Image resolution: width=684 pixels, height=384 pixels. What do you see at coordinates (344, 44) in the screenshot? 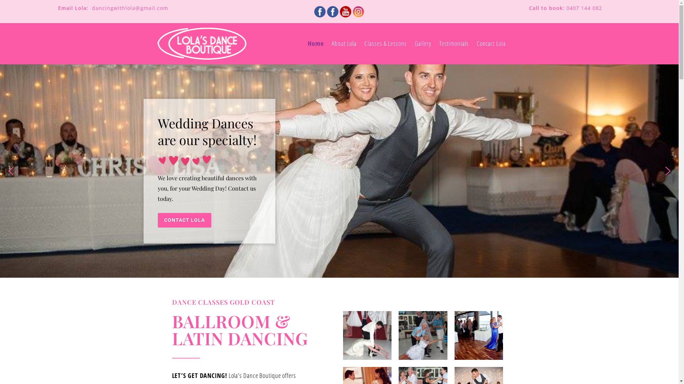
I see `'About Lola'` at bounding box center [344, 44].